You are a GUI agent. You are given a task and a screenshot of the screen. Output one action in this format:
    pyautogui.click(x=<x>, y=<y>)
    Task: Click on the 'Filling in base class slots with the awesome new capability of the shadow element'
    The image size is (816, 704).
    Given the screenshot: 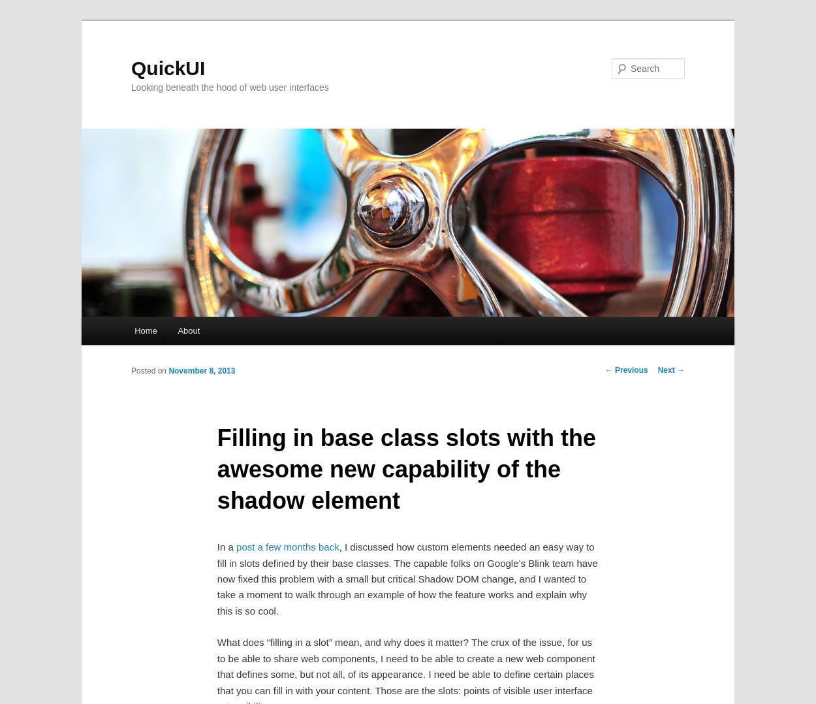 What is the action you would take?
    pyautogui.click(x=405, y=468)
    